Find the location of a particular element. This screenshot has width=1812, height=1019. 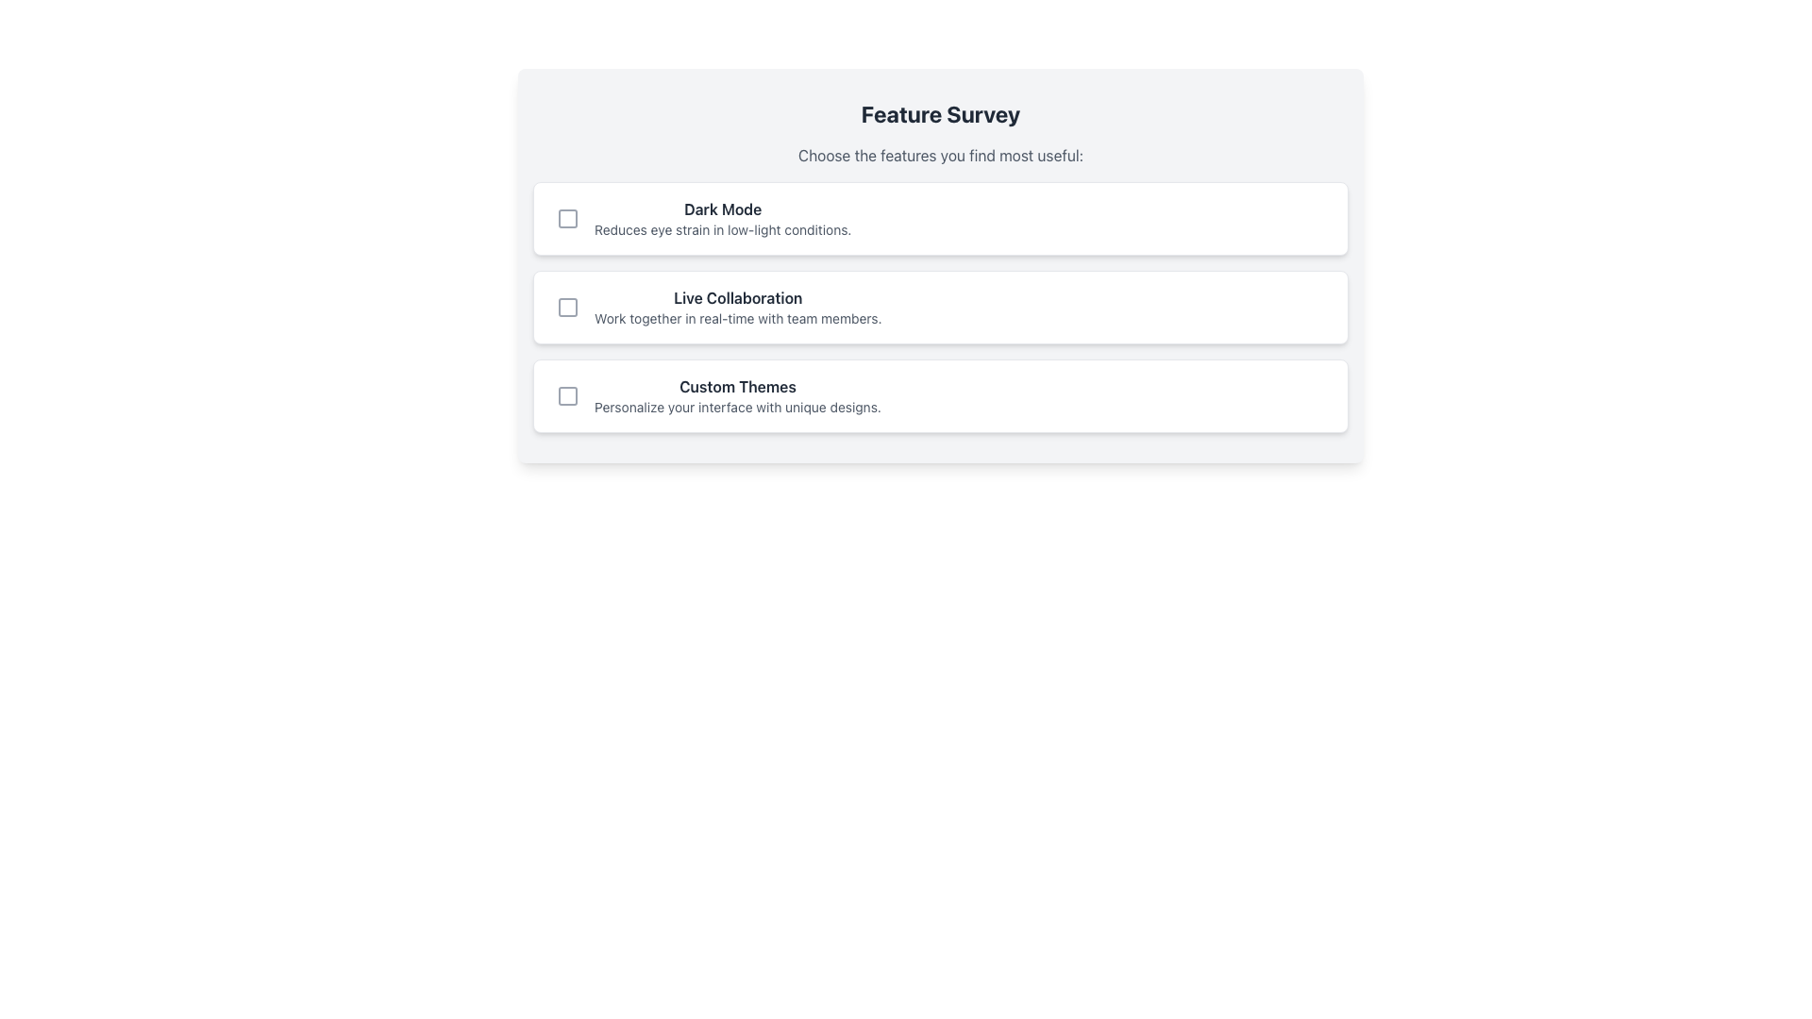

the text label displaying 'Live Collaboration', which is styled in bold sans-serif font and positioned below 'Dark Mode' and above 'Custom Themes' is located at coordinates (737, 297).